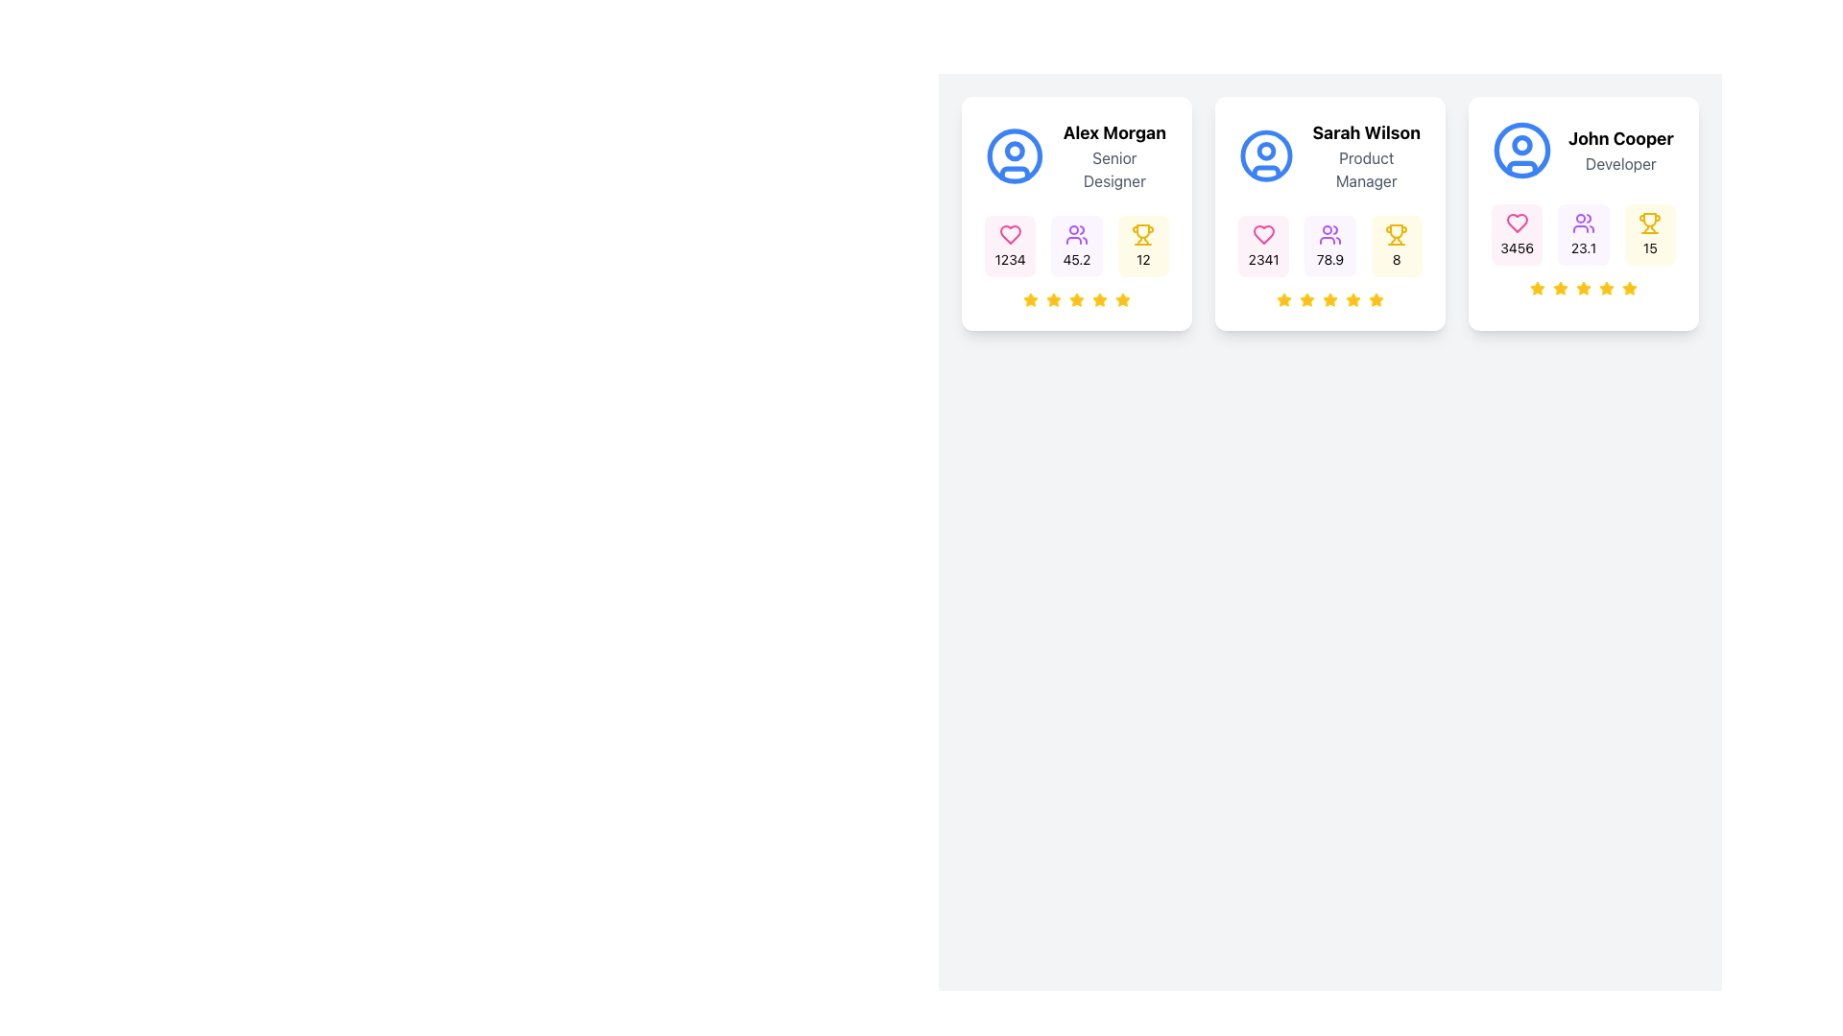  Describe the element at coordinates (1077, 246) in the screenshot. I see `the middle Data display block that shows the numerical value related to the purple user icon, located beneath the title 'Alex Morgan' and above the star rating icons` at that location.